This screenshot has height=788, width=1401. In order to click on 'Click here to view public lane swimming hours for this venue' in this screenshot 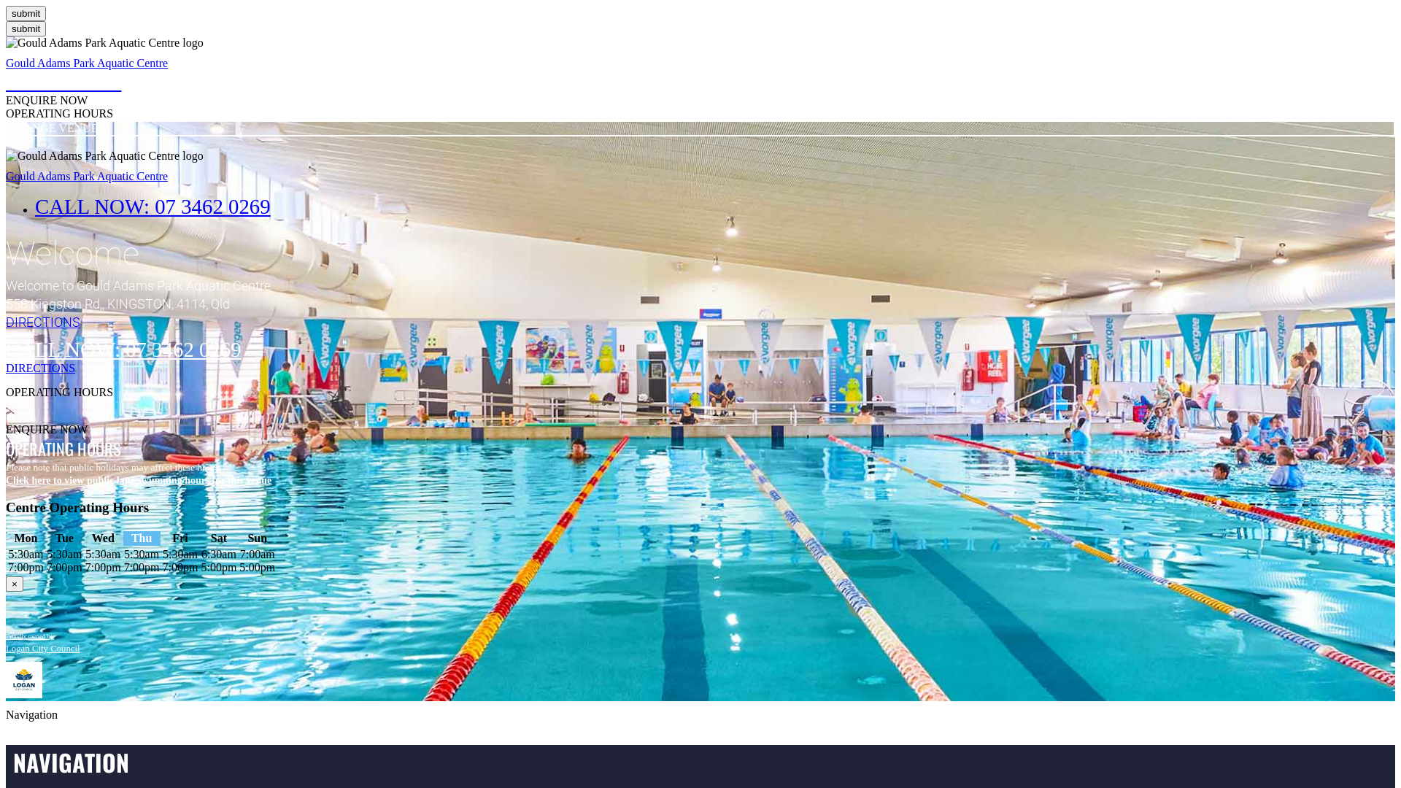, I will do `click(6, 480)`.